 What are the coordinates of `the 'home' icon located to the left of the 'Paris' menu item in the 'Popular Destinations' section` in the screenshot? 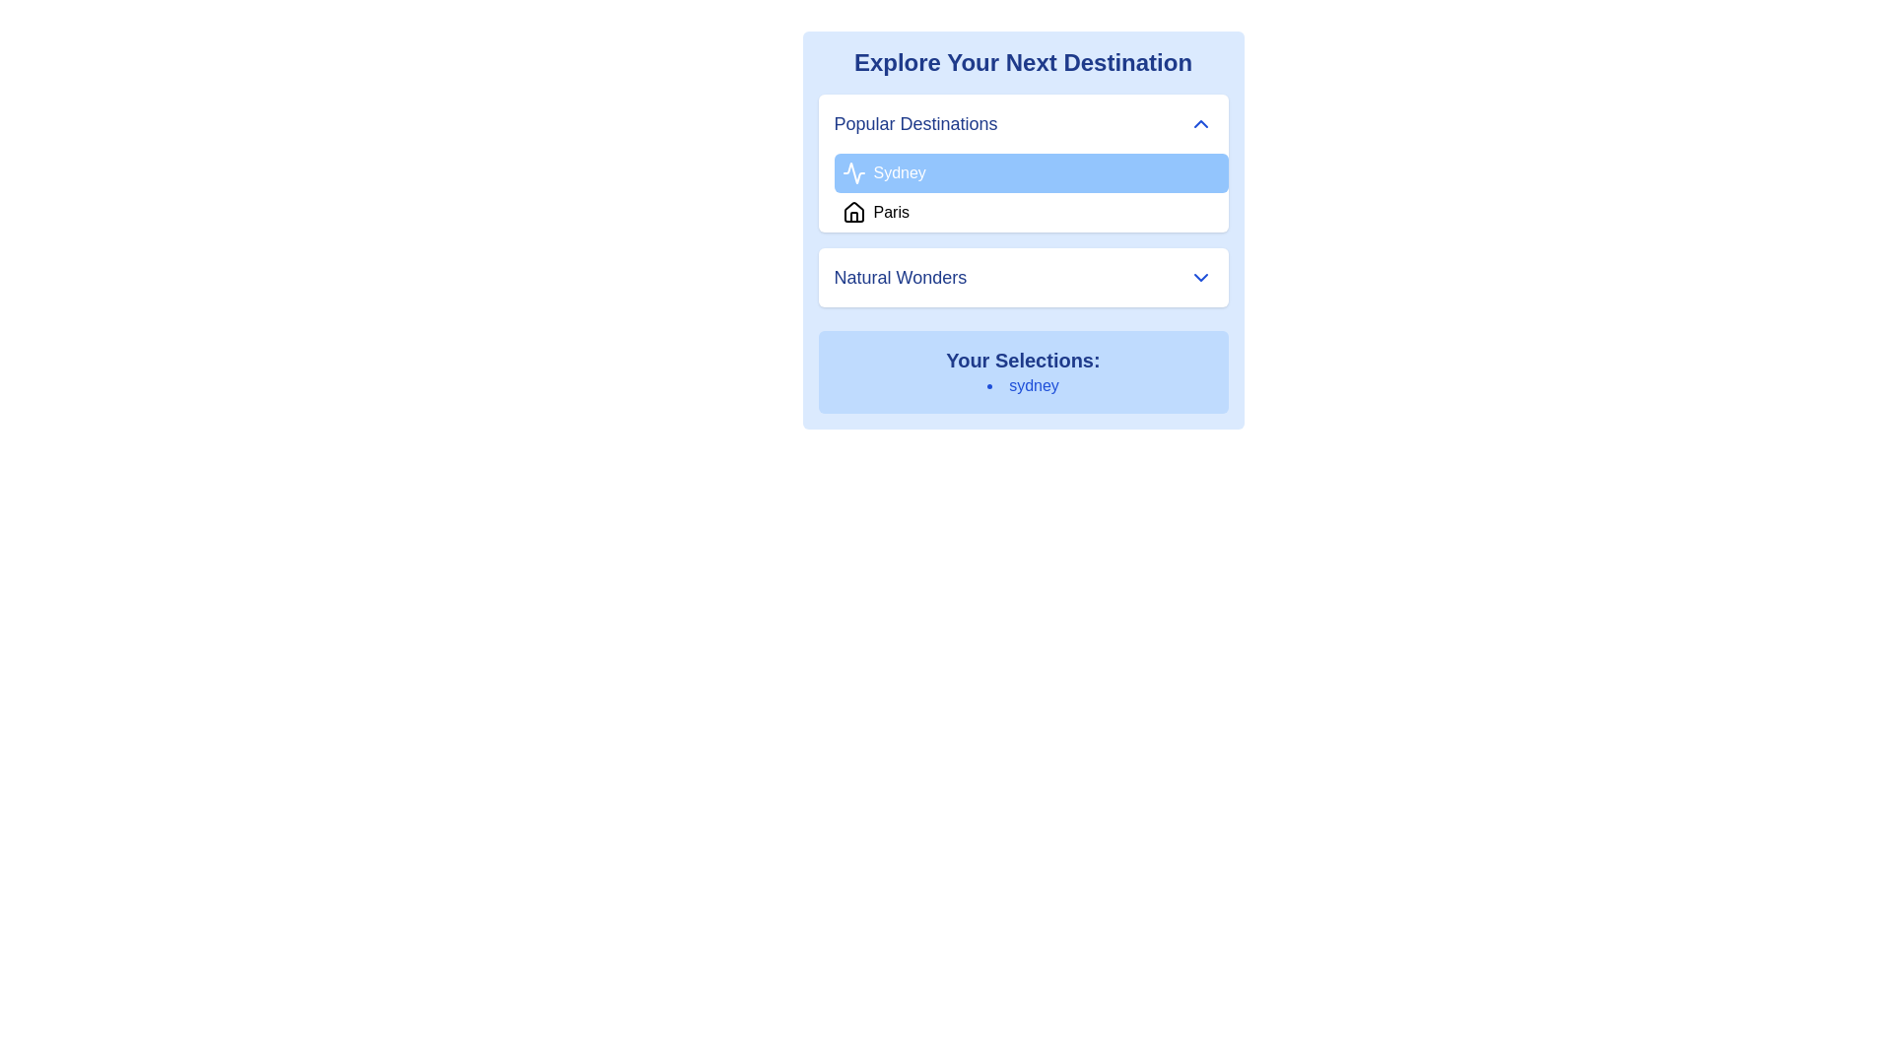 It's located at (853, 213).